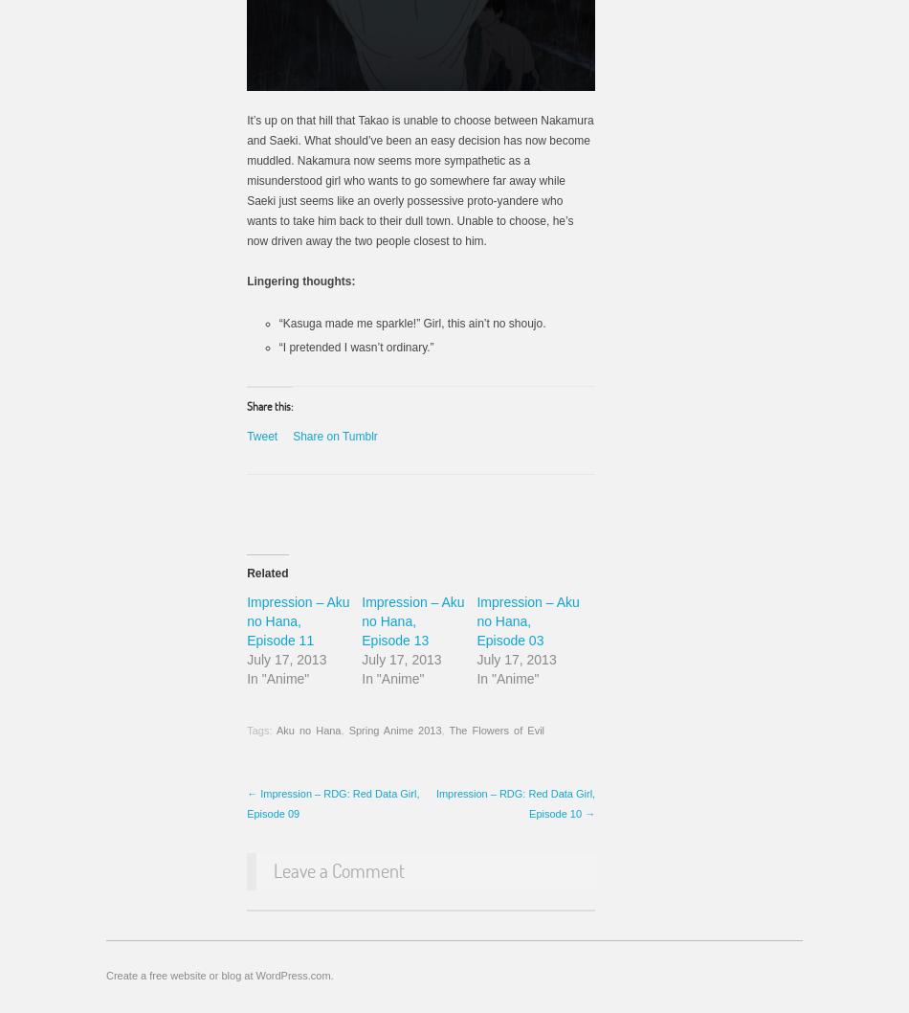  What do you see at coordinates (338, 868) in the screenshot?
I see `'Leave a Comment'` at bounding box center [338, 868].